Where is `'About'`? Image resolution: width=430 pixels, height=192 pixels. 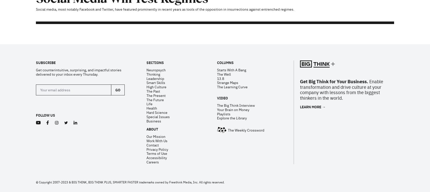
'About' is located at coordinates (152, 63).